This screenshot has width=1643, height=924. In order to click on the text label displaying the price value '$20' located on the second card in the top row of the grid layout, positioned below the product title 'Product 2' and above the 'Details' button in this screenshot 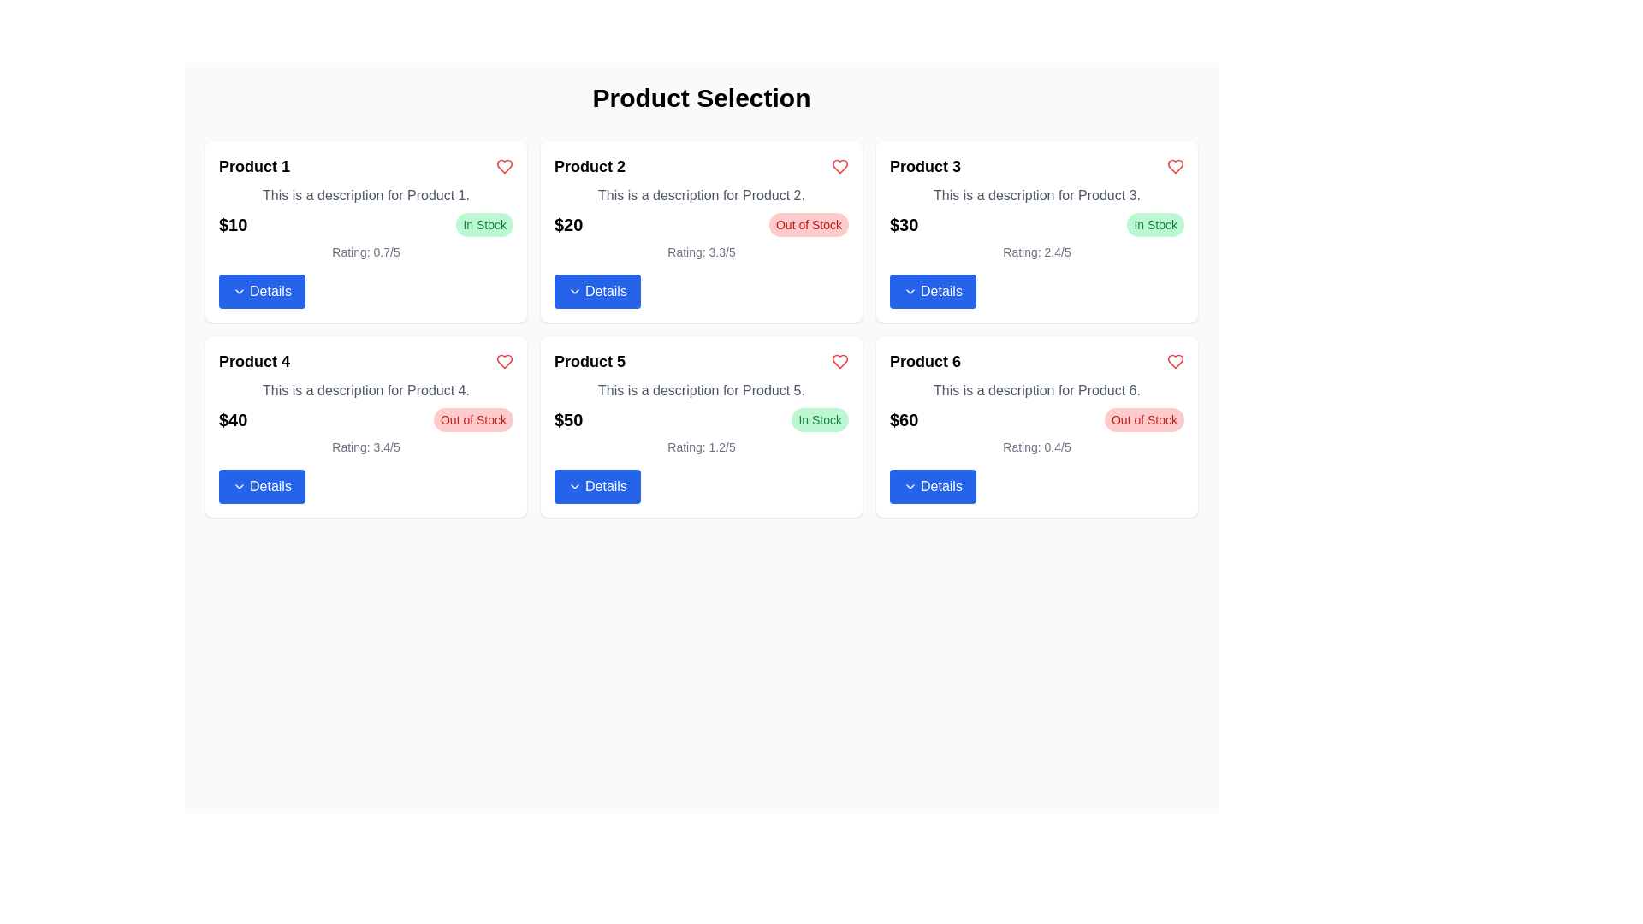, I will do `click(568, 223)`.